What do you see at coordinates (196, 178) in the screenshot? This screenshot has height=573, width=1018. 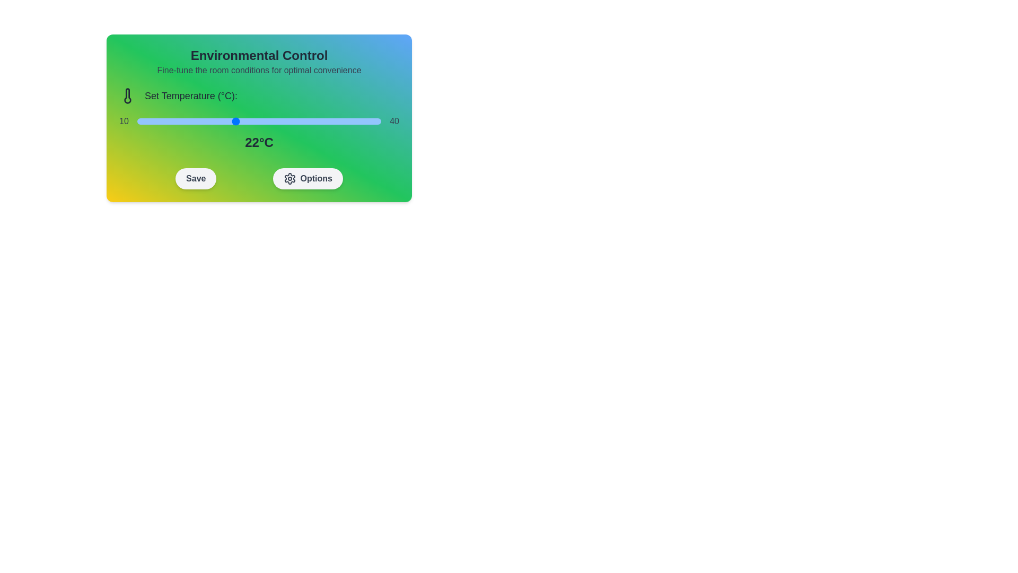 I see `the leftmost button in the horizontal arrangement at the bottom of the card-like layout` at bounding box center [196, 178].